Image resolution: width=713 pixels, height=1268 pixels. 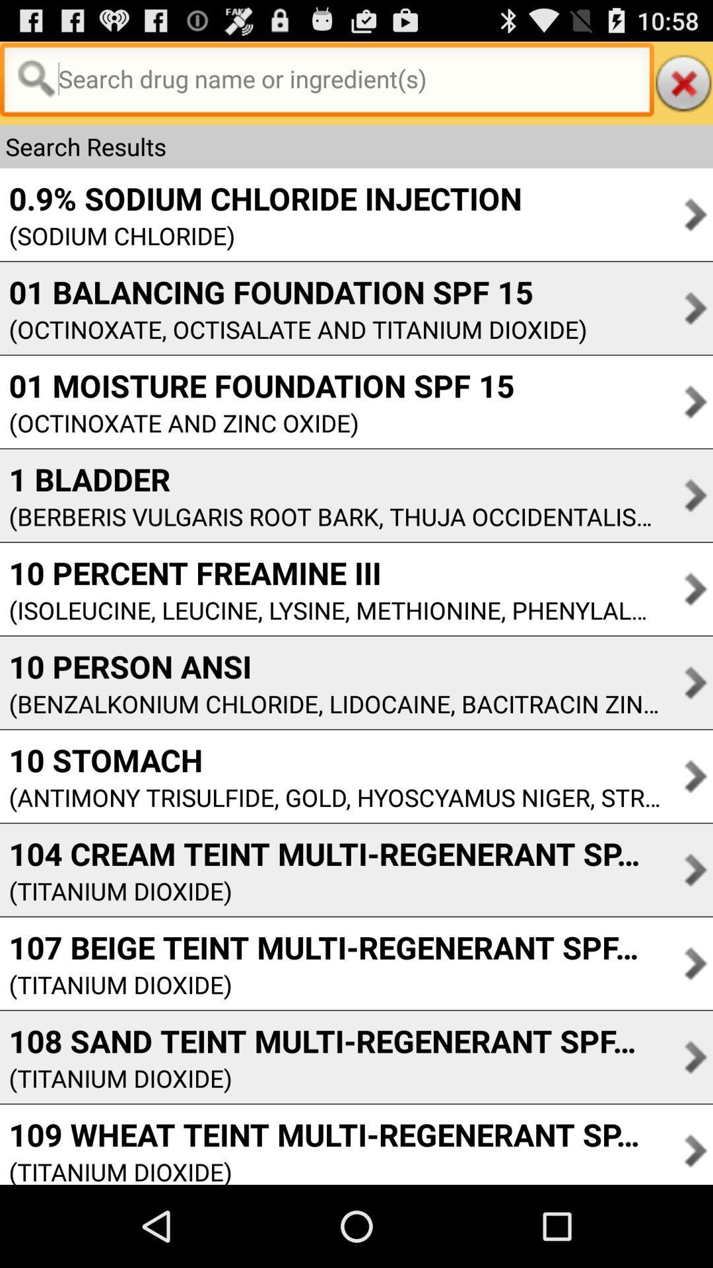 What do you see at coordinates (683, 88) in the screenshot?
I see `the close icon` at bounding box center [683, 88].